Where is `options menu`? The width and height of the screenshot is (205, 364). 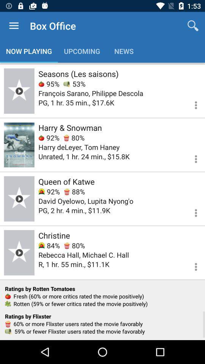 options menu is located at coordinates (191, 104).